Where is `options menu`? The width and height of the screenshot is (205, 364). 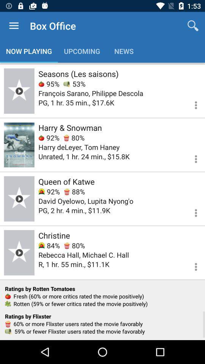 options menu is located at coordinates (191, 104).